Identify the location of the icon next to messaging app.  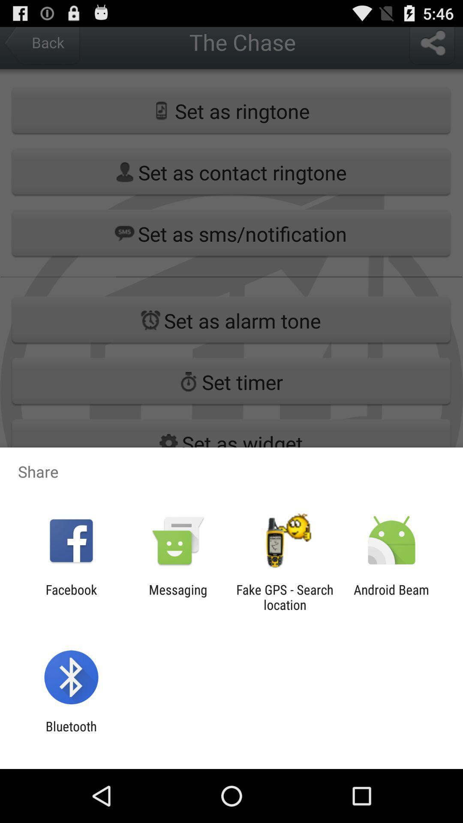
(285, 597).